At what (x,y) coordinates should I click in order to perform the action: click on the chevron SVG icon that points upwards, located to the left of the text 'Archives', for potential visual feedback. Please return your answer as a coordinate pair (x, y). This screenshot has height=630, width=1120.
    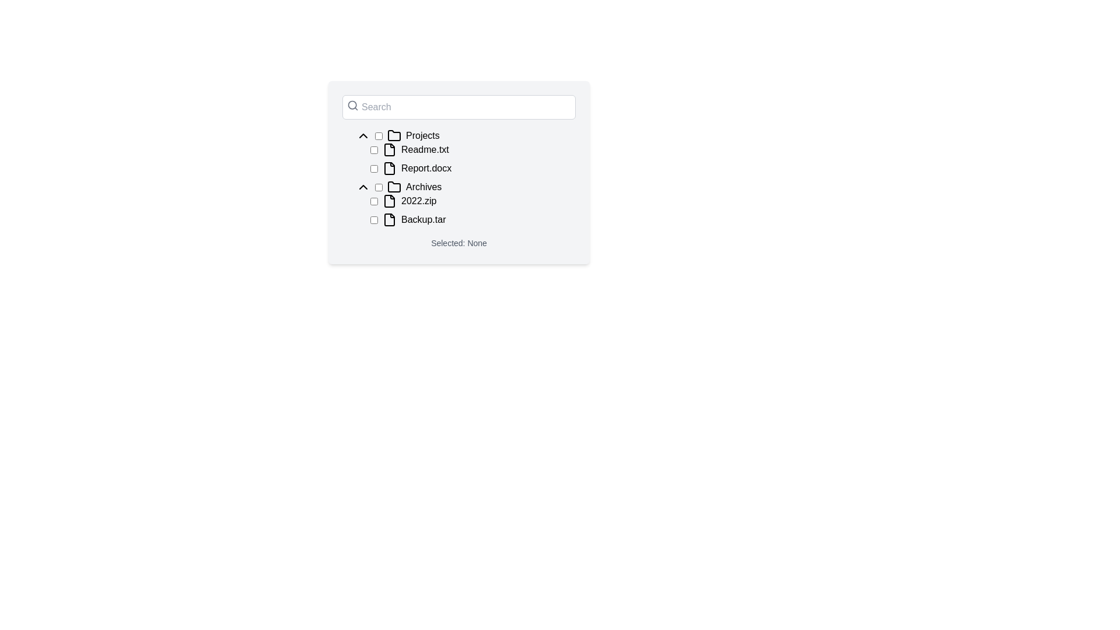
    Looking at the image, I should click on (363, 186).